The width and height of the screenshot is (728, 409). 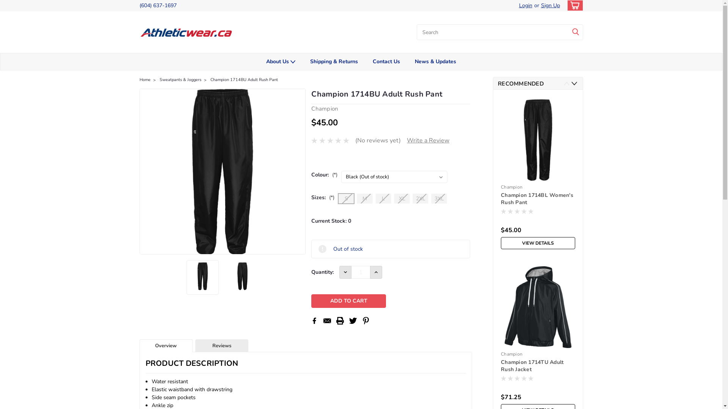 I want to click on 'Next', so click(x=574, y=83).